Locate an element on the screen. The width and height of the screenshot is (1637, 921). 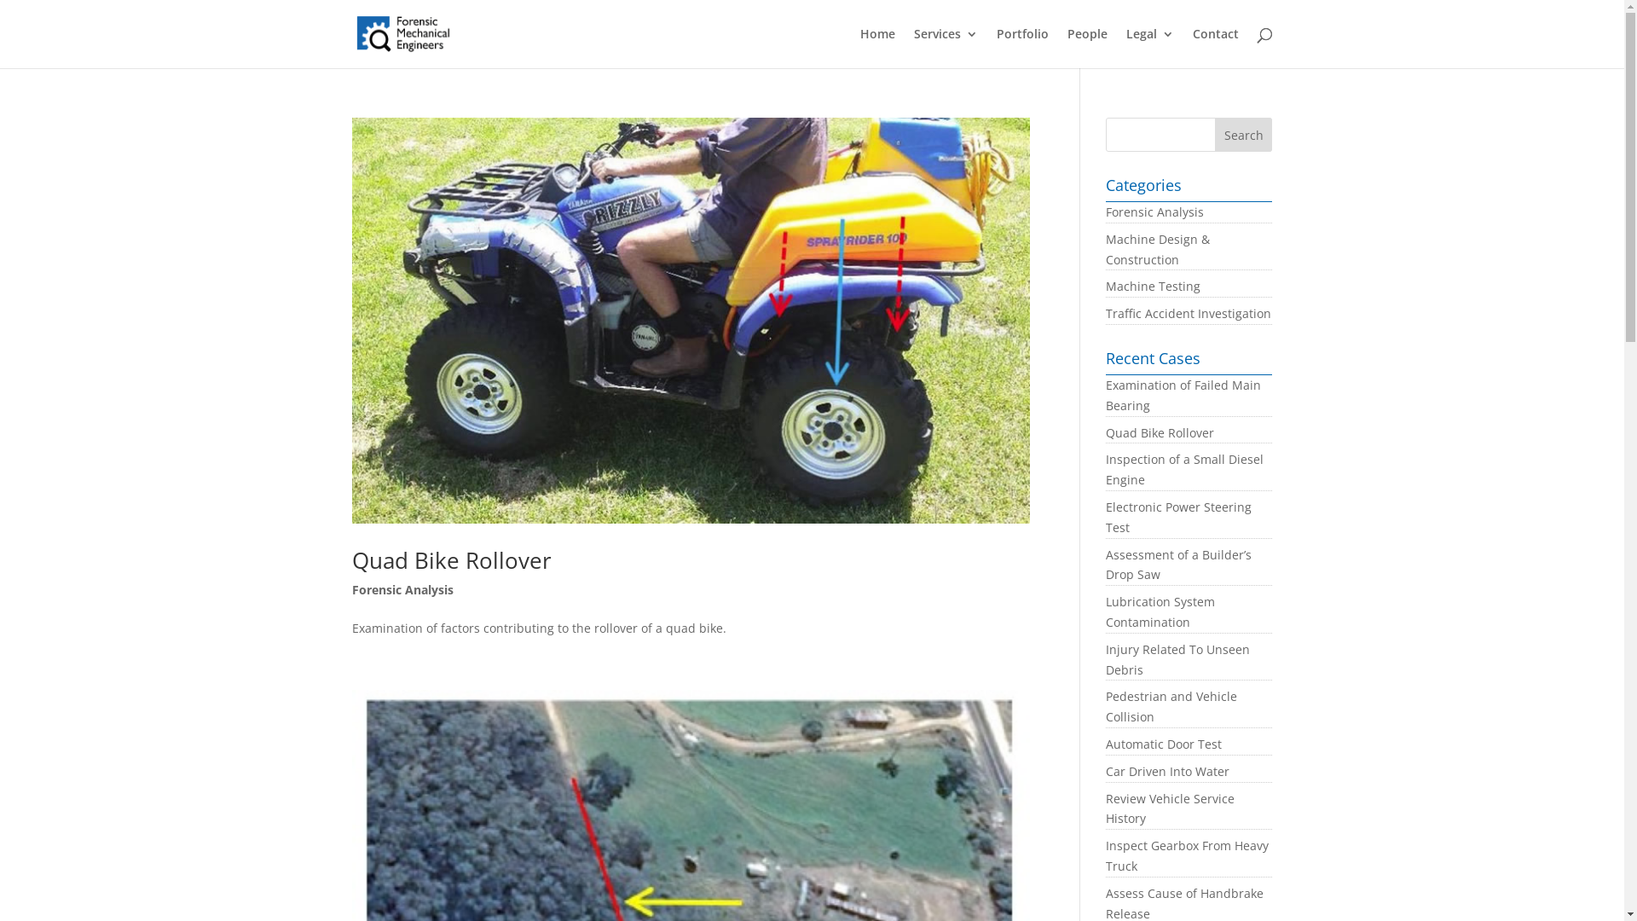
'Legal' is located at coordinates (1125, 47).